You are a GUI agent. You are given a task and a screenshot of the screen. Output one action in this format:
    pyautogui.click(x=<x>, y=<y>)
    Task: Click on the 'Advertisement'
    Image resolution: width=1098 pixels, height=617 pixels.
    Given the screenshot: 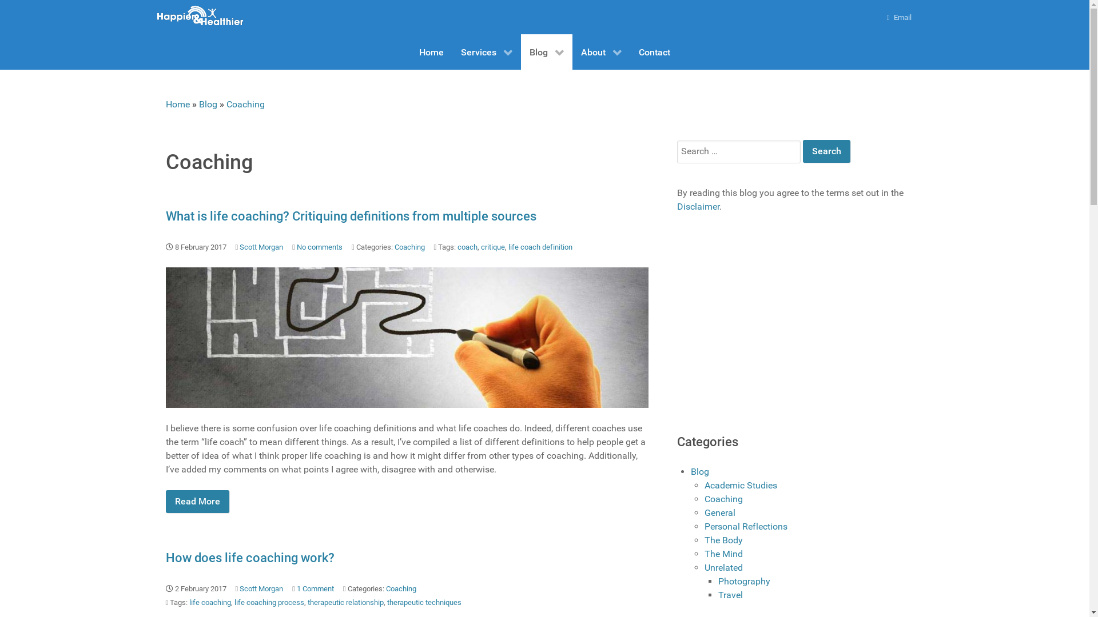 What is the action you would take?
    pyautogui.click(x=773, y=334)
    